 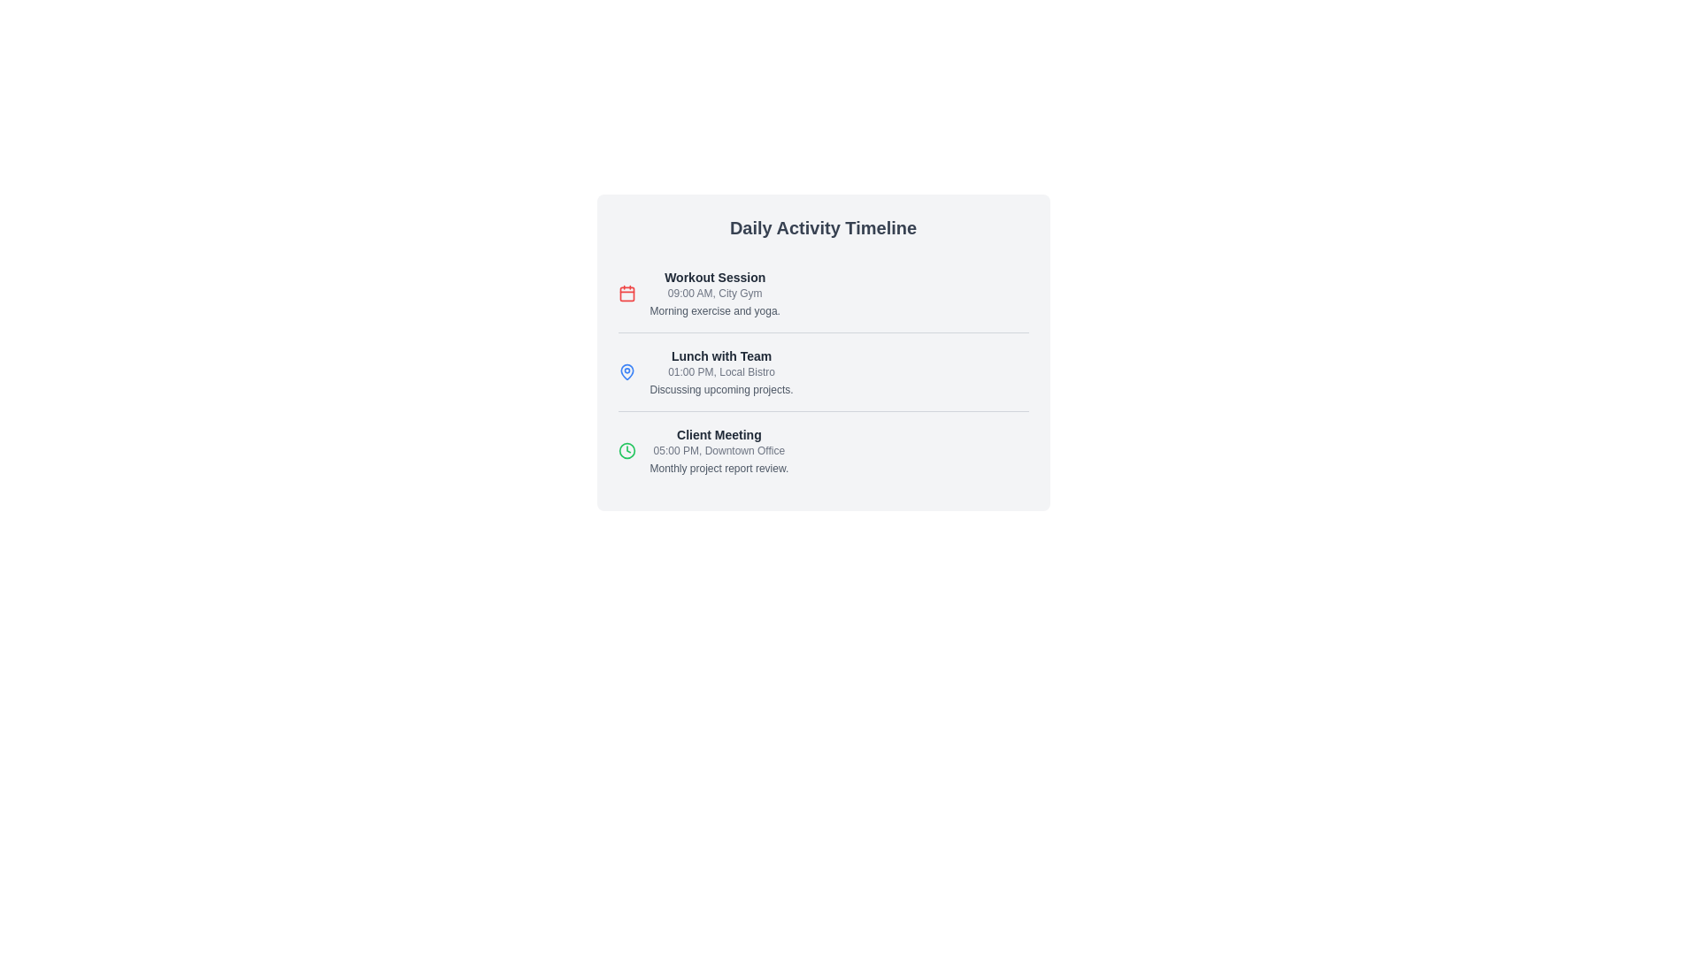 What do you see at coordinates (721, 388) in the screenshot?
I see `the Text Label that provides additional detail about the 'Lunch with Team' schedule entry, positioned below the title and subtitle` at bounding box center [721, 388].